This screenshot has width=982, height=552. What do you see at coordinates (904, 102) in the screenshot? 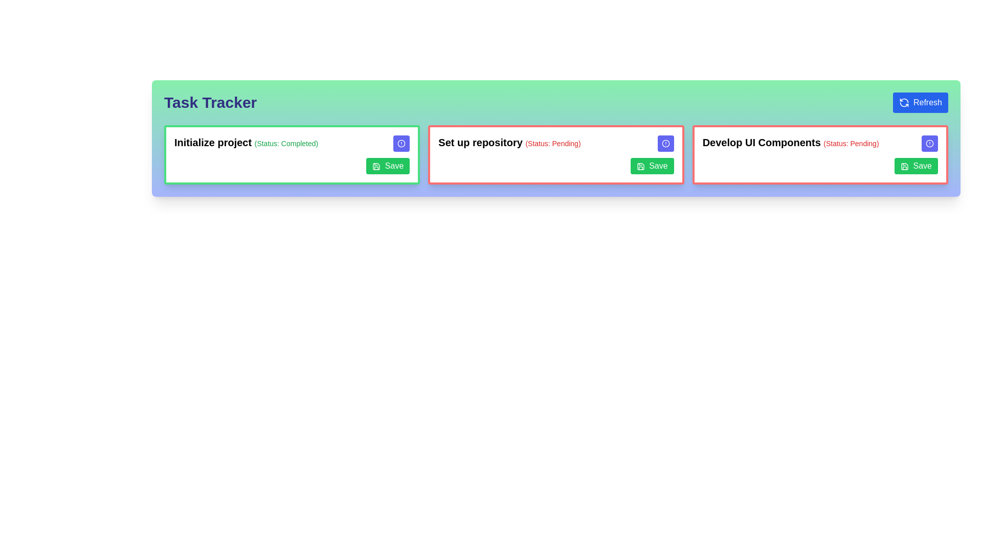
I see `the refresh icon, which is a circular arrow on a blue button labeled 'Refresh', located at the top-right corner of the interface` at bounding box center [904, 102].